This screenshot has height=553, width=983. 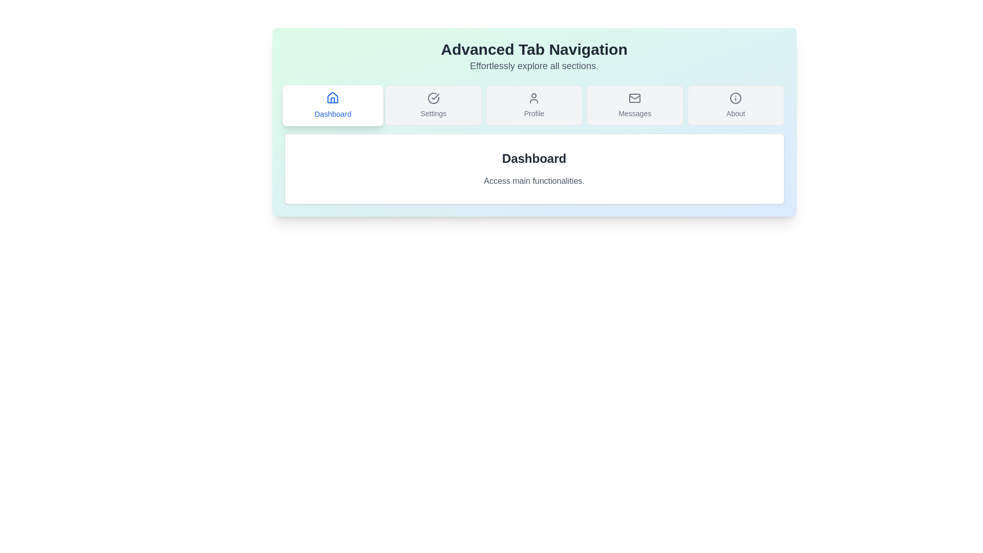 What do you see at coordinates (533, 105) in the screenshot?
I see `the tab button labeled Profile to navigate to the corresponding tab` at bounding box center [533, 105].